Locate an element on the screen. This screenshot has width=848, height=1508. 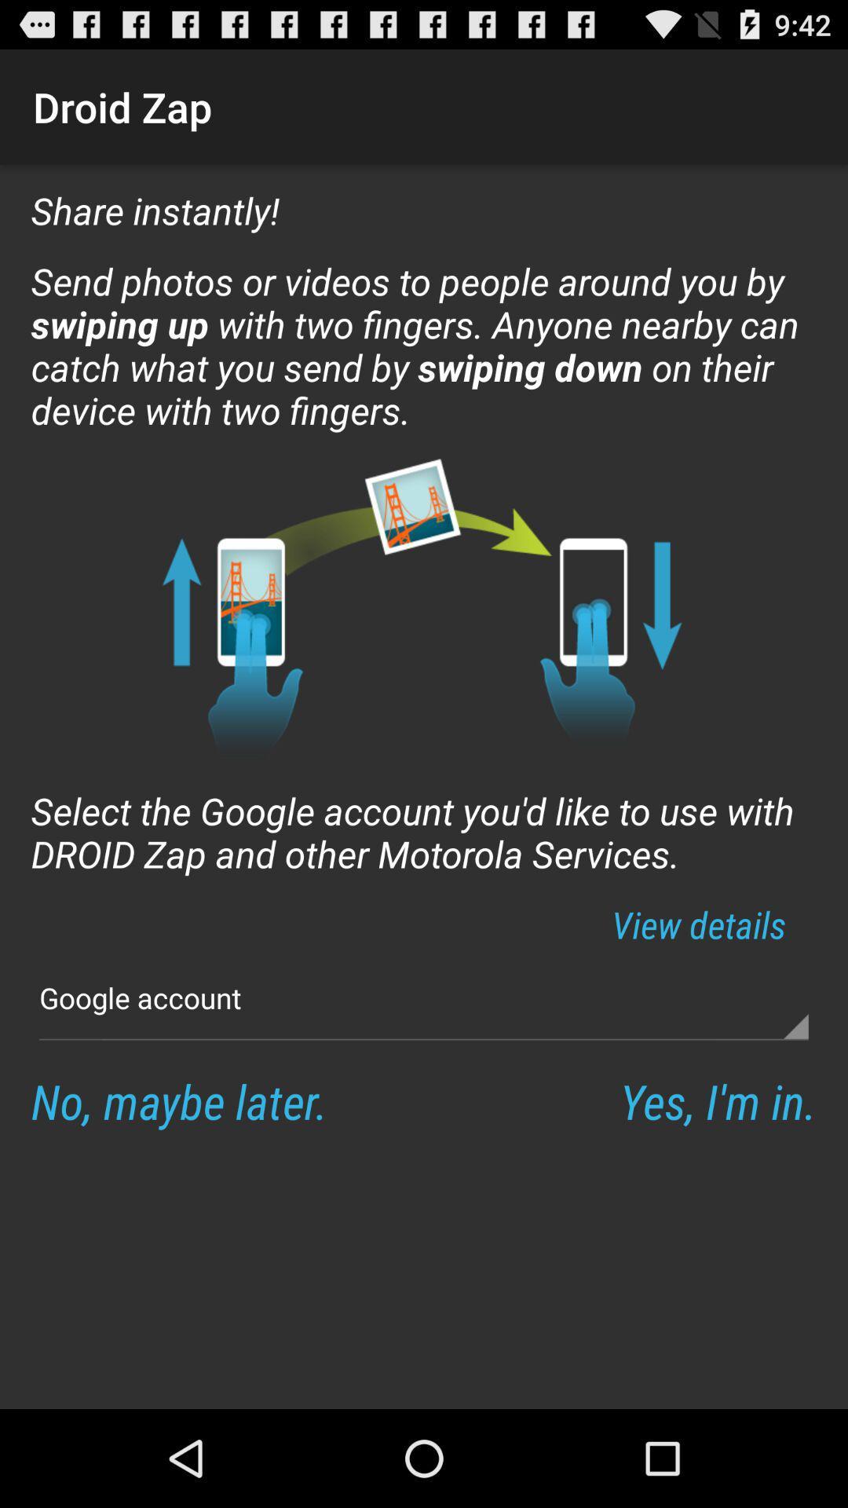
the no, maybe later. app is located at coordinates (178, 1100).